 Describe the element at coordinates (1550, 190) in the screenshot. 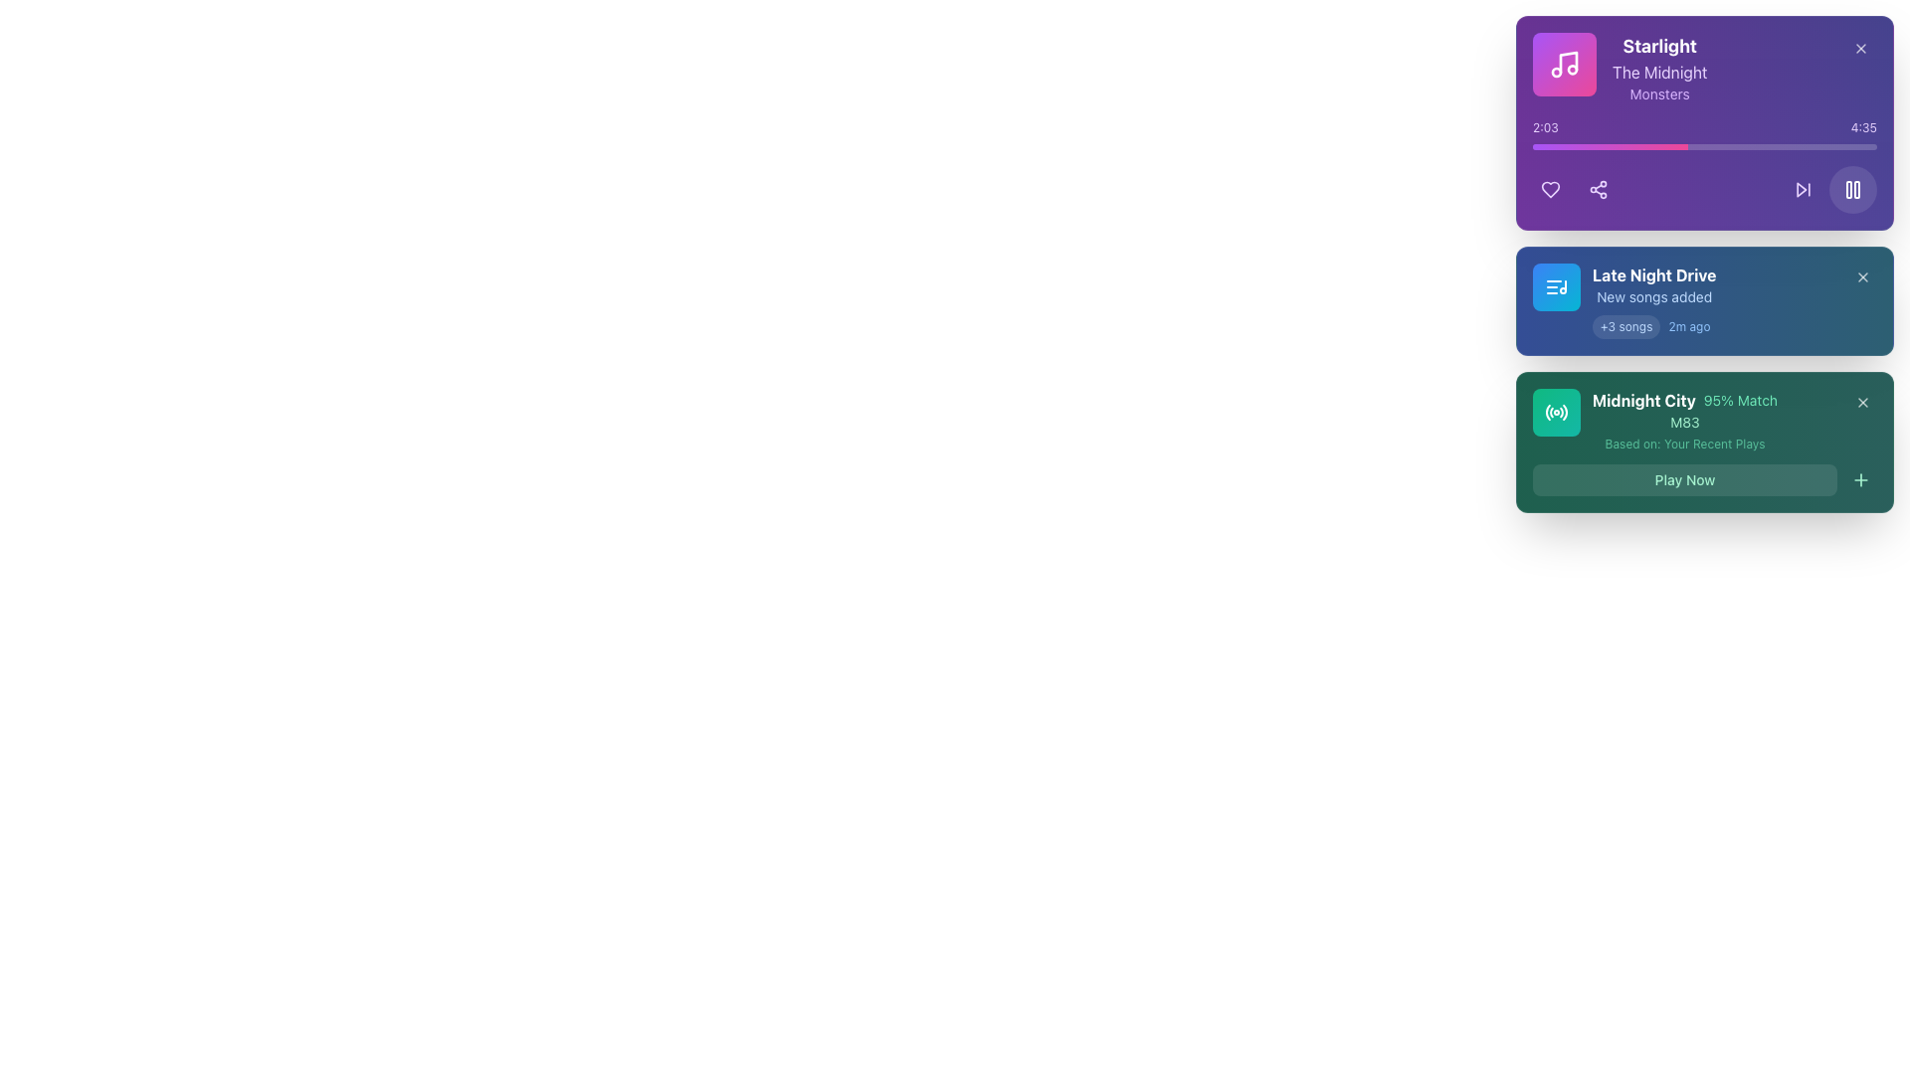

I see `the heart-shaped graphical icon located in the upper section of the 'Starlight' card` at that location.